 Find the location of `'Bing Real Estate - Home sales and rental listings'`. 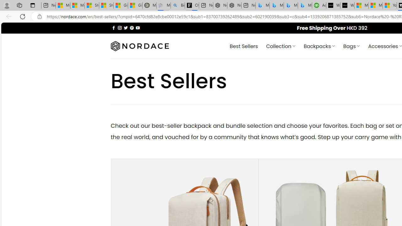

'Bing Real Estate - Home sales and rental listings' is located at coordinates (177, 5).